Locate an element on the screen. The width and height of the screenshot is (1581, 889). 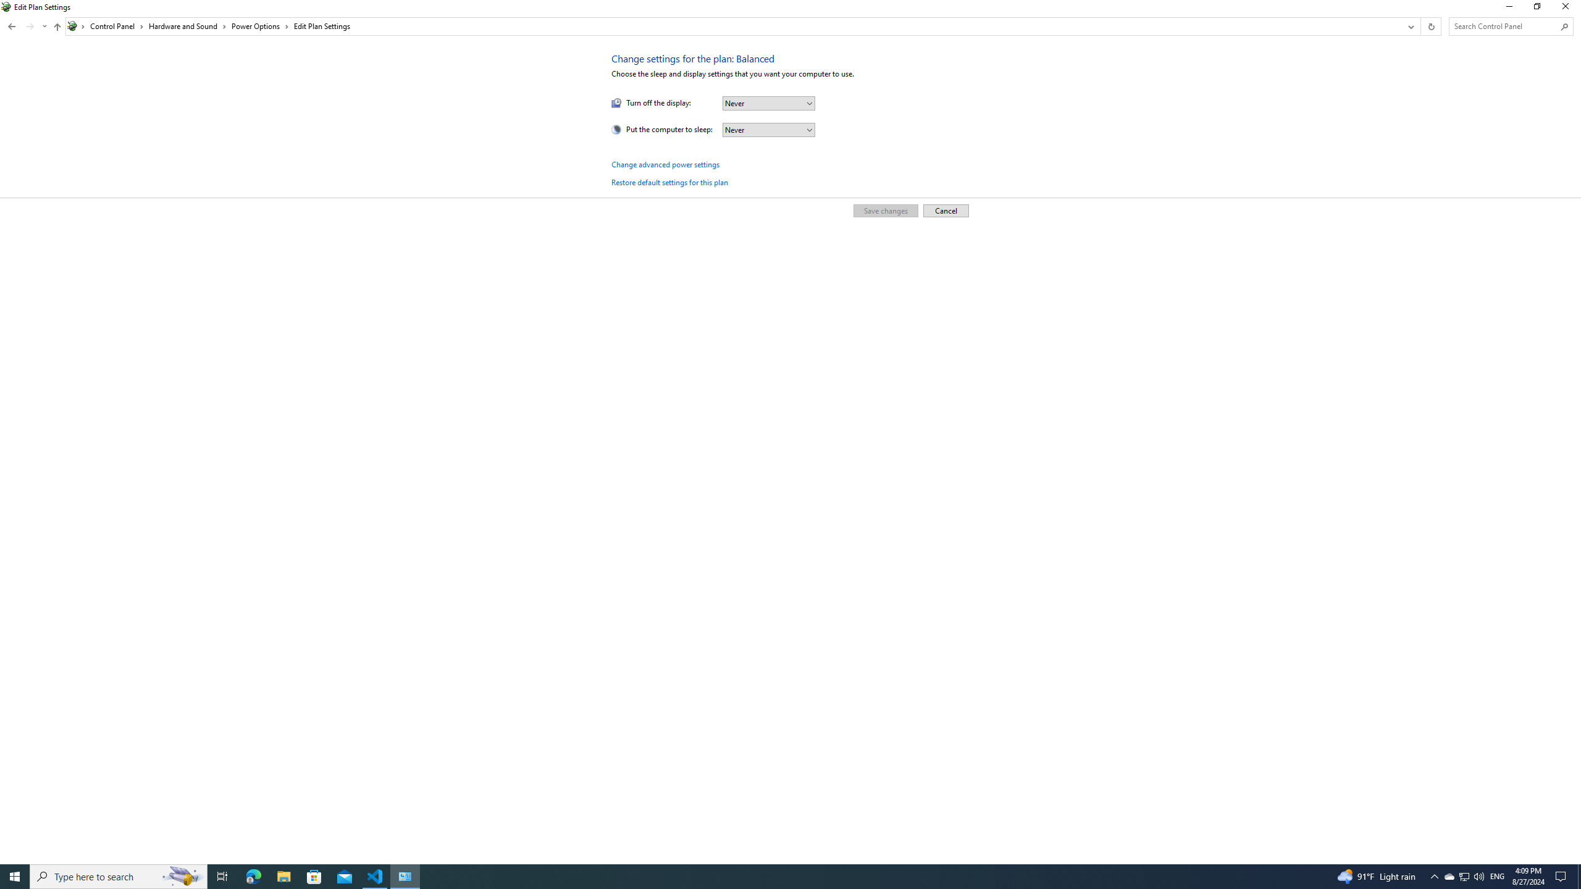
'Save changes' is located at coordinates (884, 210).